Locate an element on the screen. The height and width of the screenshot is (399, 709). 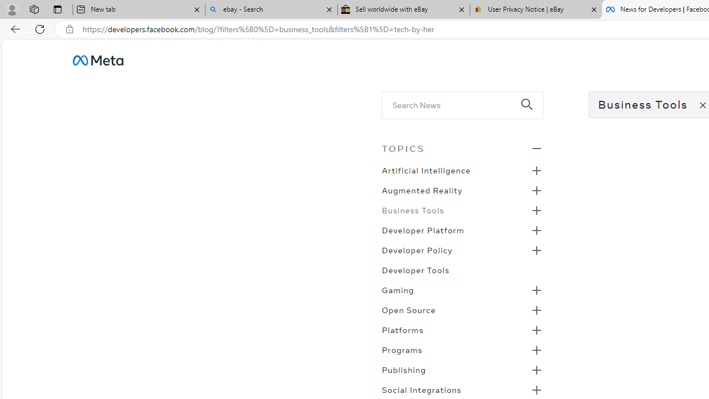
'Developer Policy' is located at coordinates (417, 249).